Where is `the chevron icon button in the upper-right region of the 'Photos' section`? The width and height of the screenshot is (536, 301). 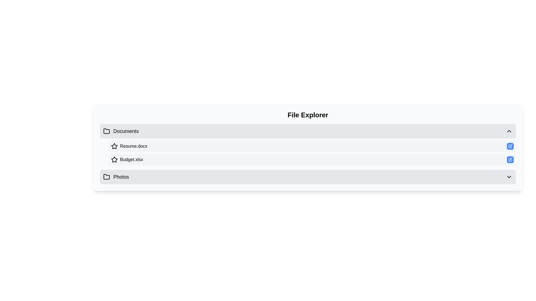 the chevron icon button in the upper-right region of the 'Photos' section is located at coordinates (509, 177).